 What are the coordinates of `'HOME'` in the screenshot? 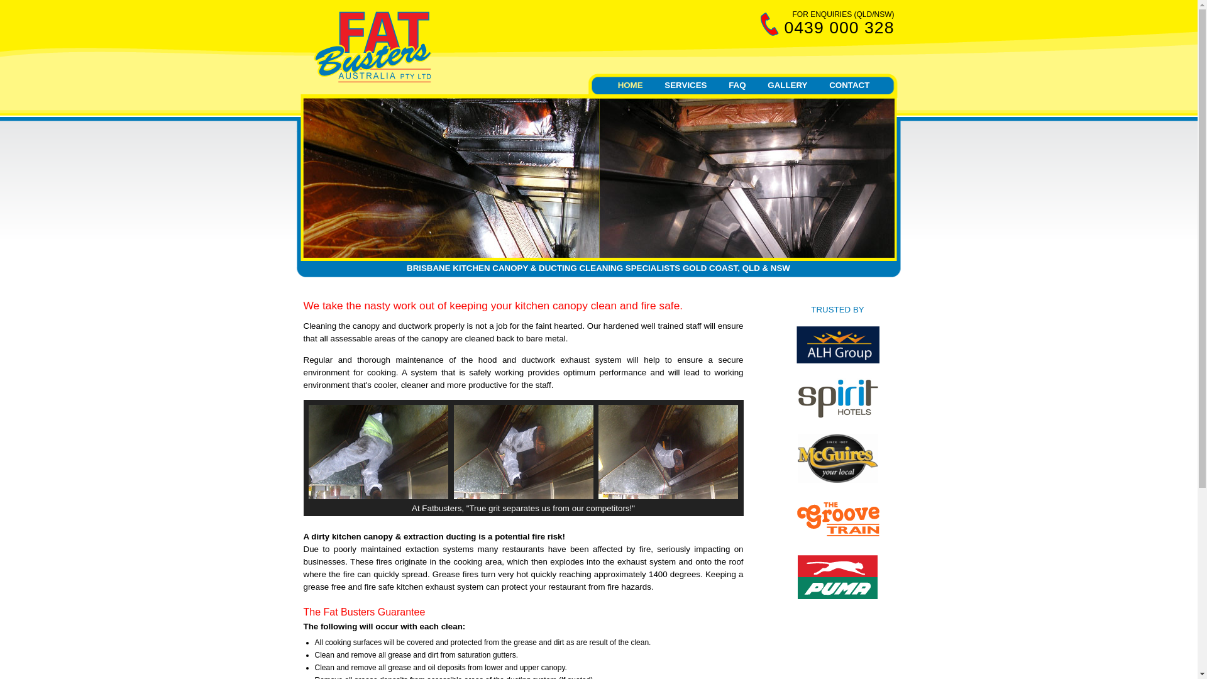 It's located at (631, 85).